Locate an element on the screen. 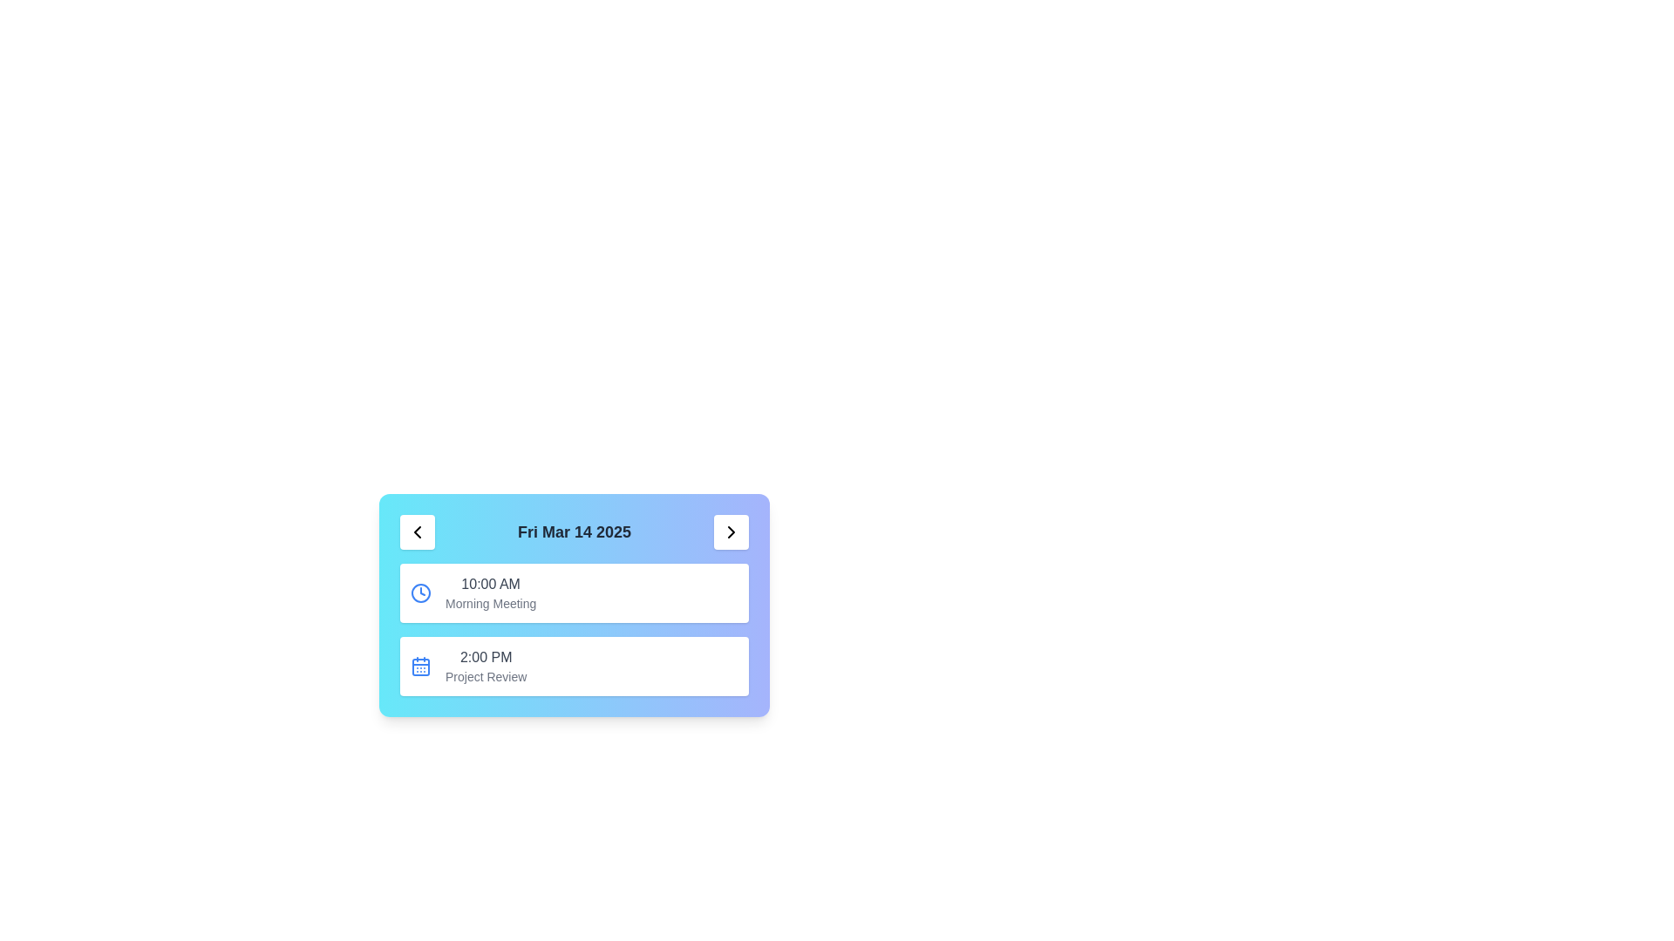  the blue clock icon located at the leftmost area of the first block representing a meeting item is located at coordinates (421, 592).